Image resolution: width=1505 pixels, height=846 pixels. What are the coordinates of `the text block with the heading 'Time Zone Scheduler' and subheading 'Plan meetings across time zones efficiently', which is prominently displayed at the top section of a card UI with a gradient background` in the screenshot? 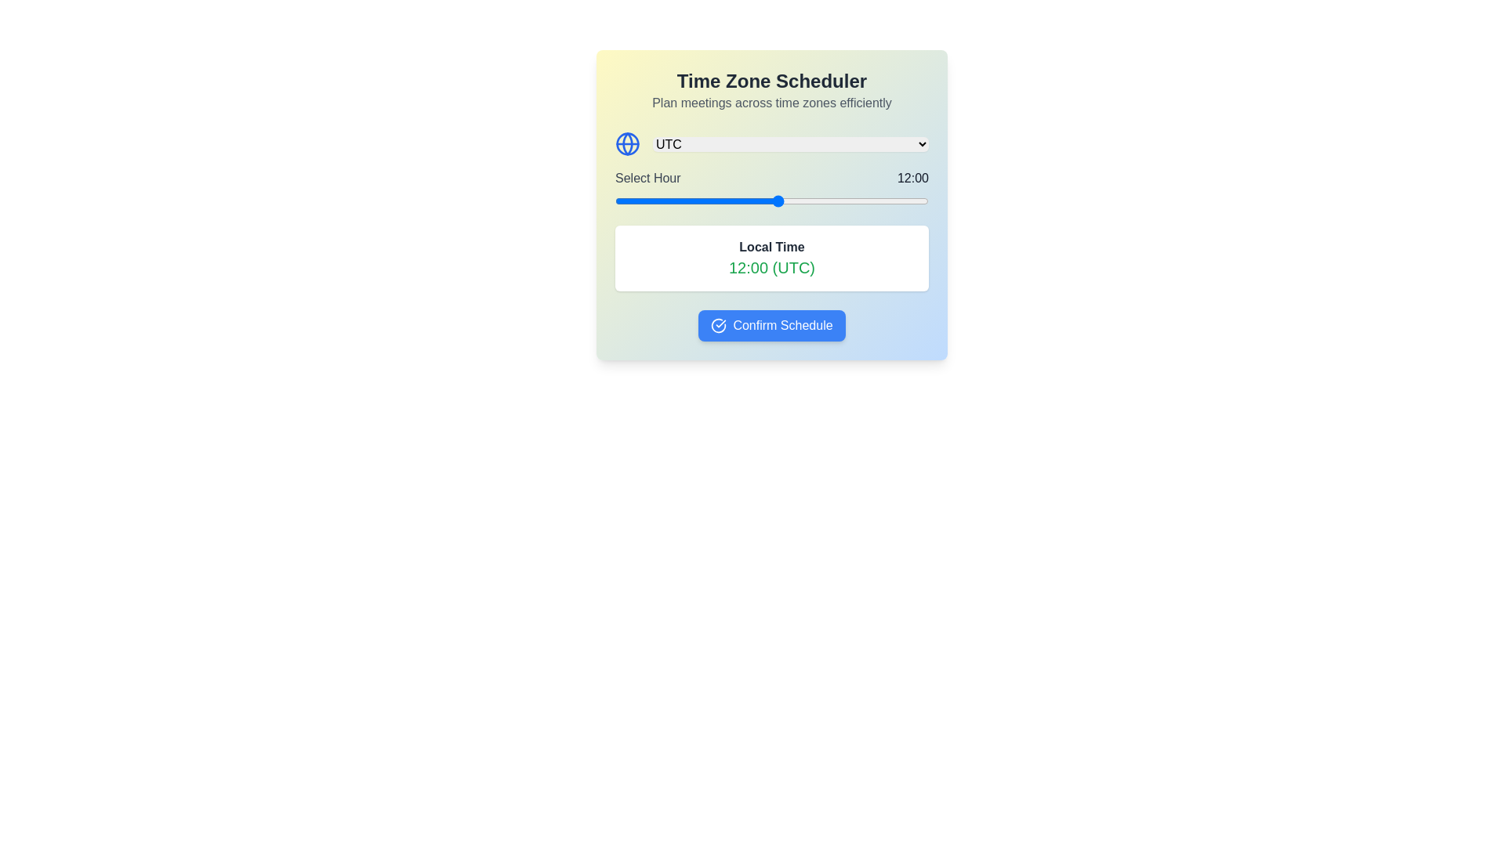 It's located at (771, 90).